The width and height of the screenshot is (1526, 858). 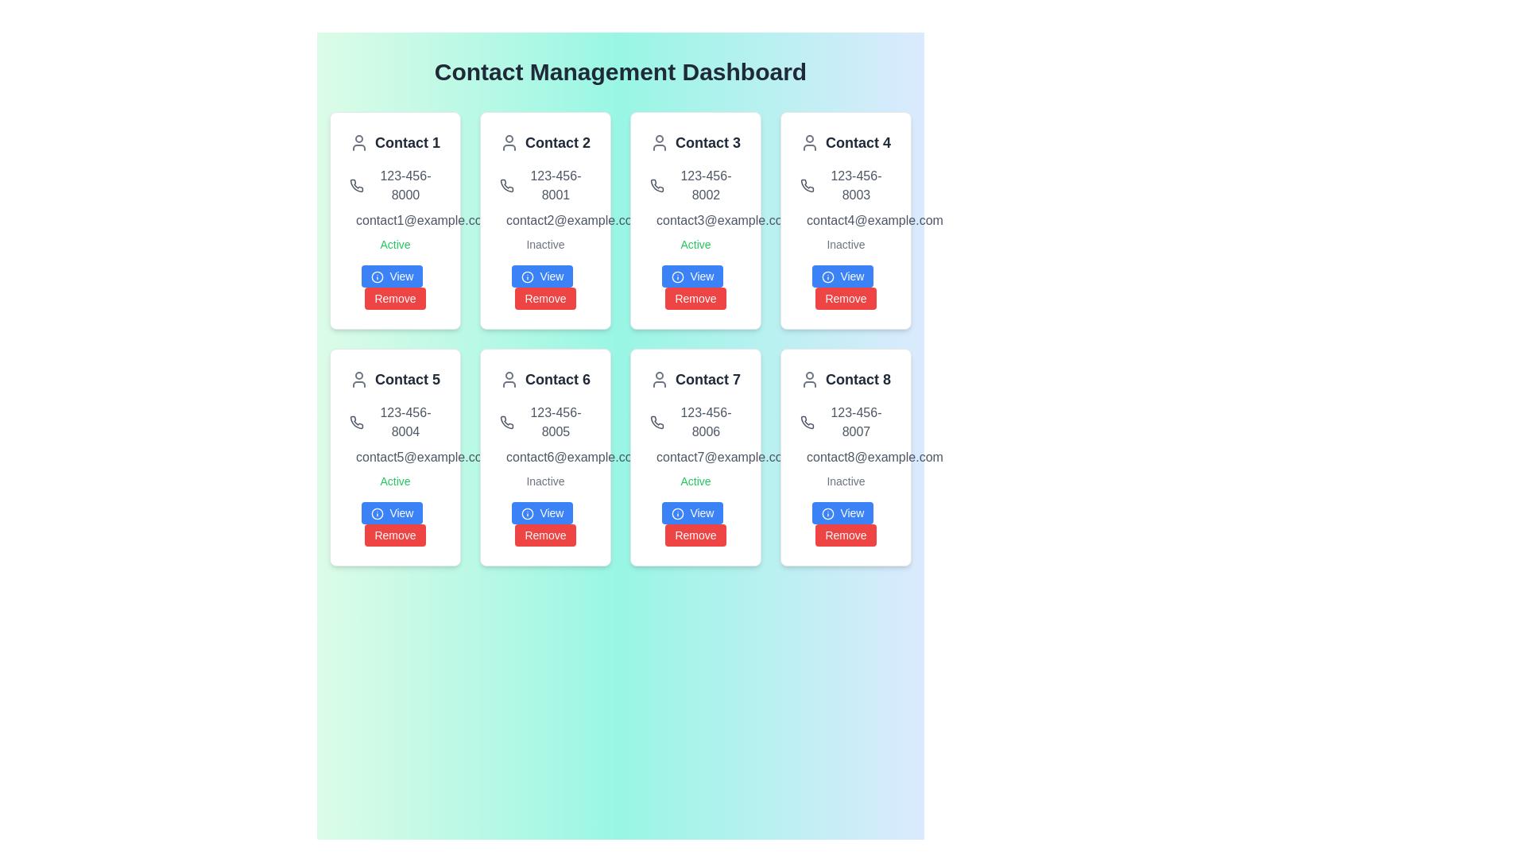 What do you see at coordinates (695, 298) in the screenshot?
I see `the 'Remove' button located directly below the 'View' button in the 'Contact 3' card` at bounding box center [695, 298].